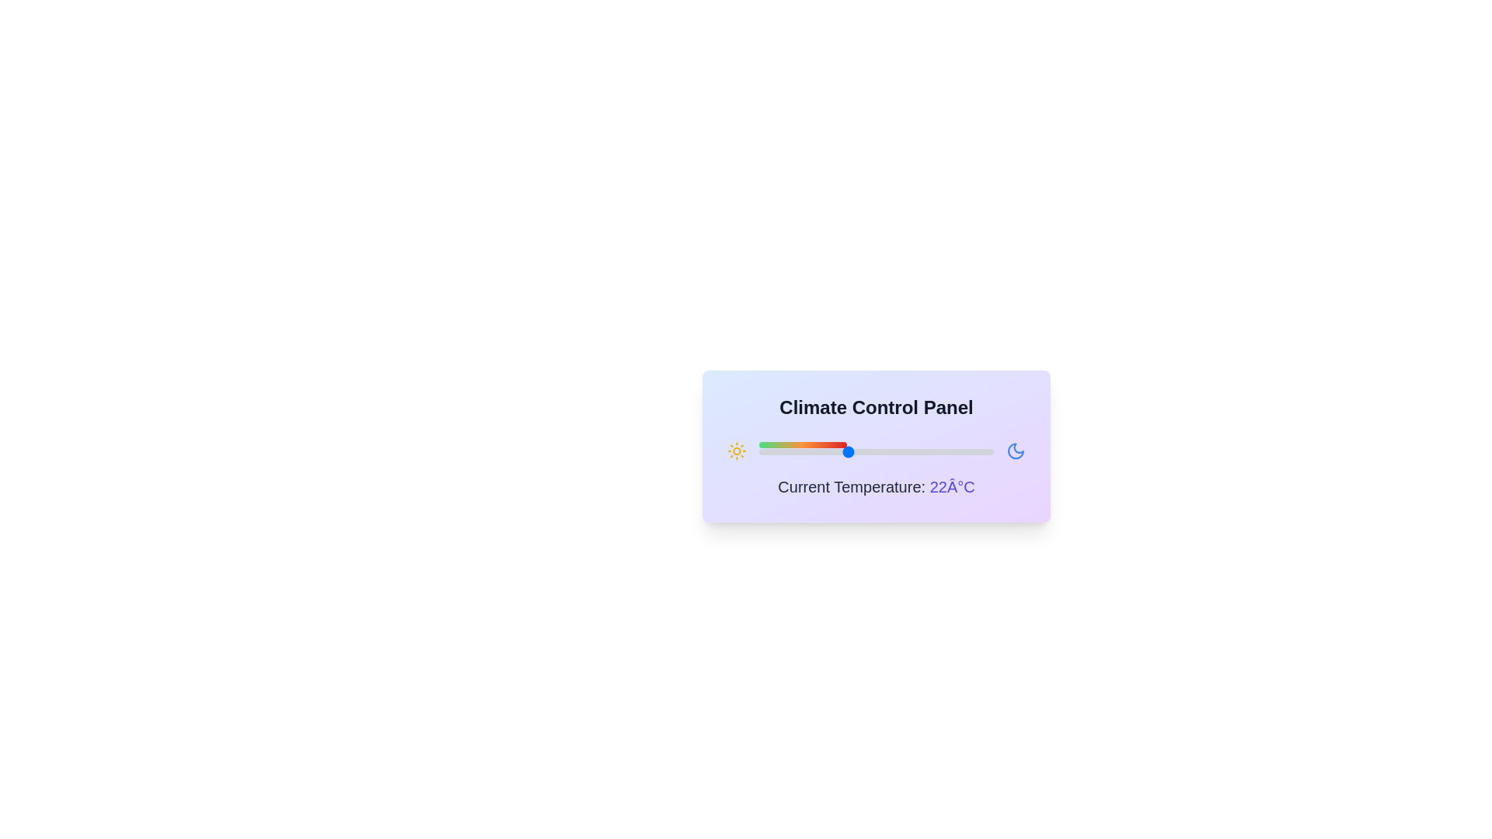  I want to click on the vibrant progress bar element in the 'Climate Control Panel', which transitions from green to red and is located above the slider handle, so click(803, 445).